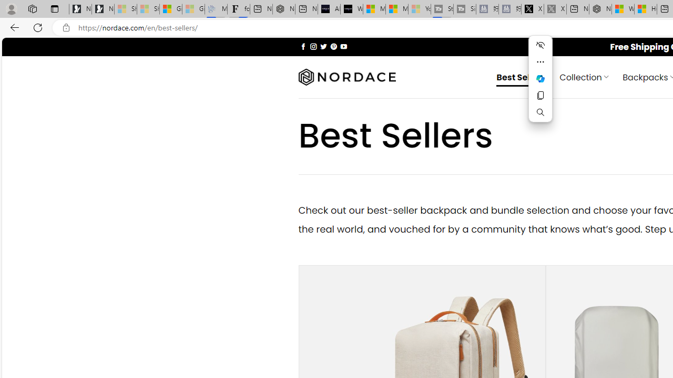 Image resolution: width=673 pixels, height=378 pixels. What do you see at coordinates (540, 45) in the screenshot?
I see `'Hide menu'` at bounding box center [540, 45].